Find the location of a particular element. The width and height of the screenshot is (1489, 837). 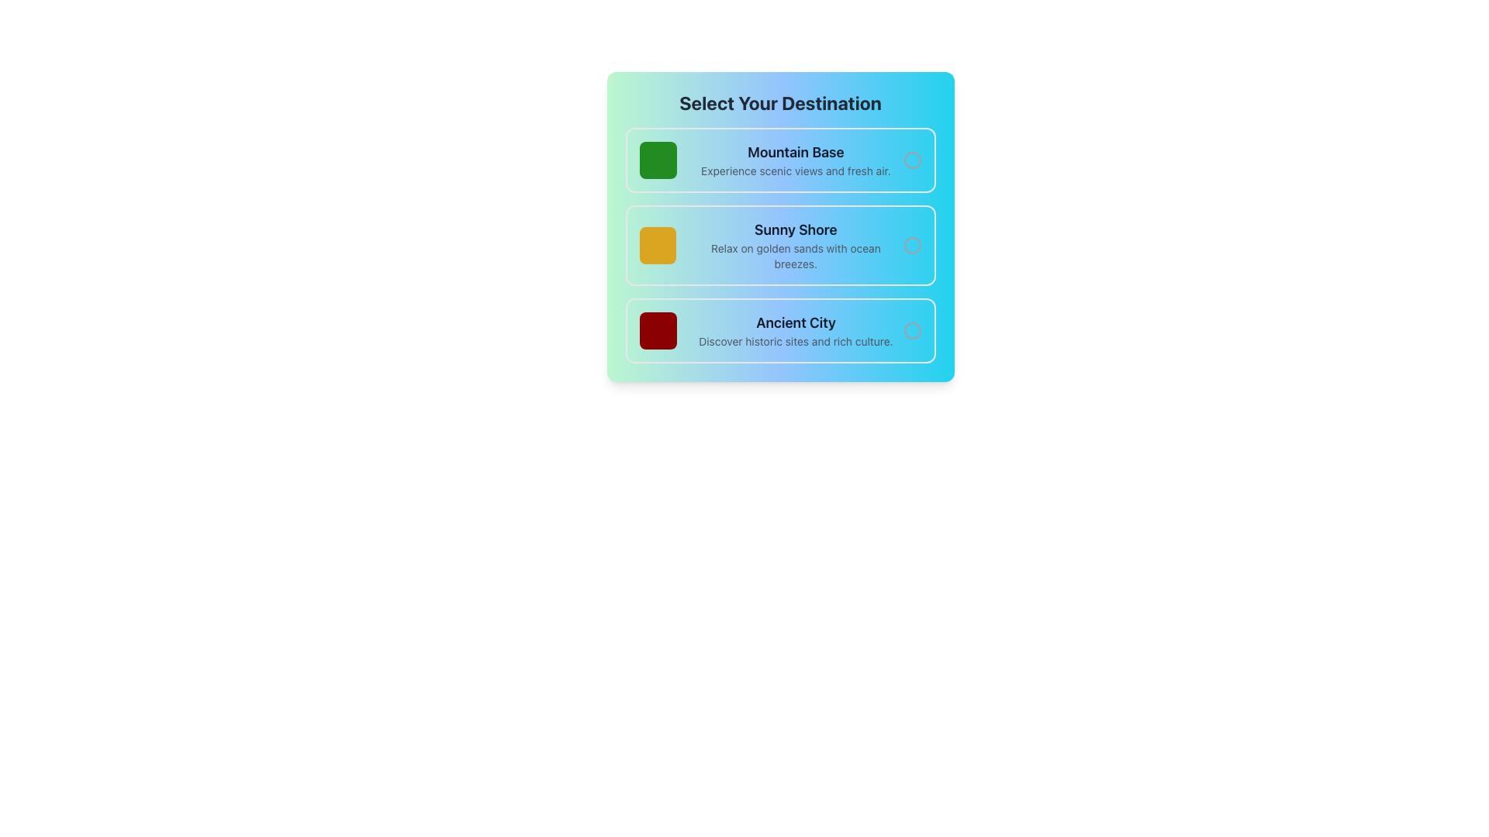

the descriptive text block titled 'Ancient City' which is aligned to the left of a light blue rectangular card and above a selectable circle in the 'Select Your Destination' section is located at coordinates (796, 330).